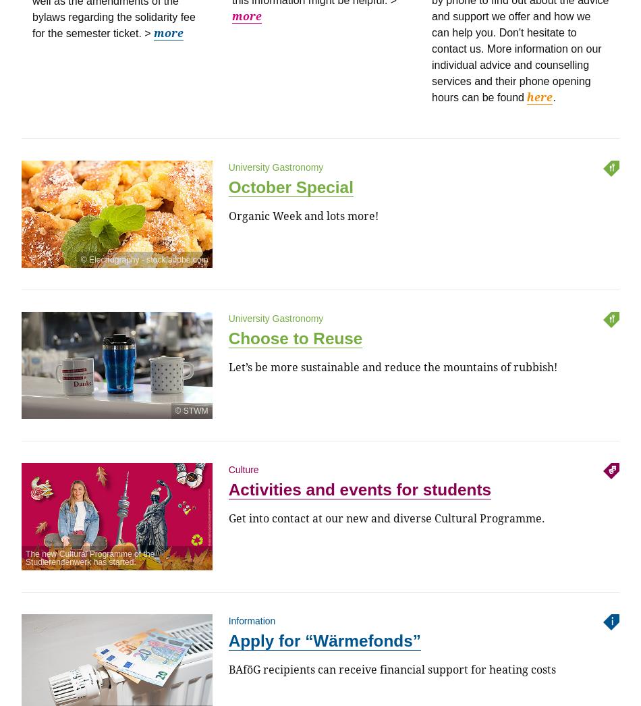 The image size is (641, 706). What do you see at coordinates (242, 468) in the screenshot?
I see `'Culture'` at bounding box center [242, 468].